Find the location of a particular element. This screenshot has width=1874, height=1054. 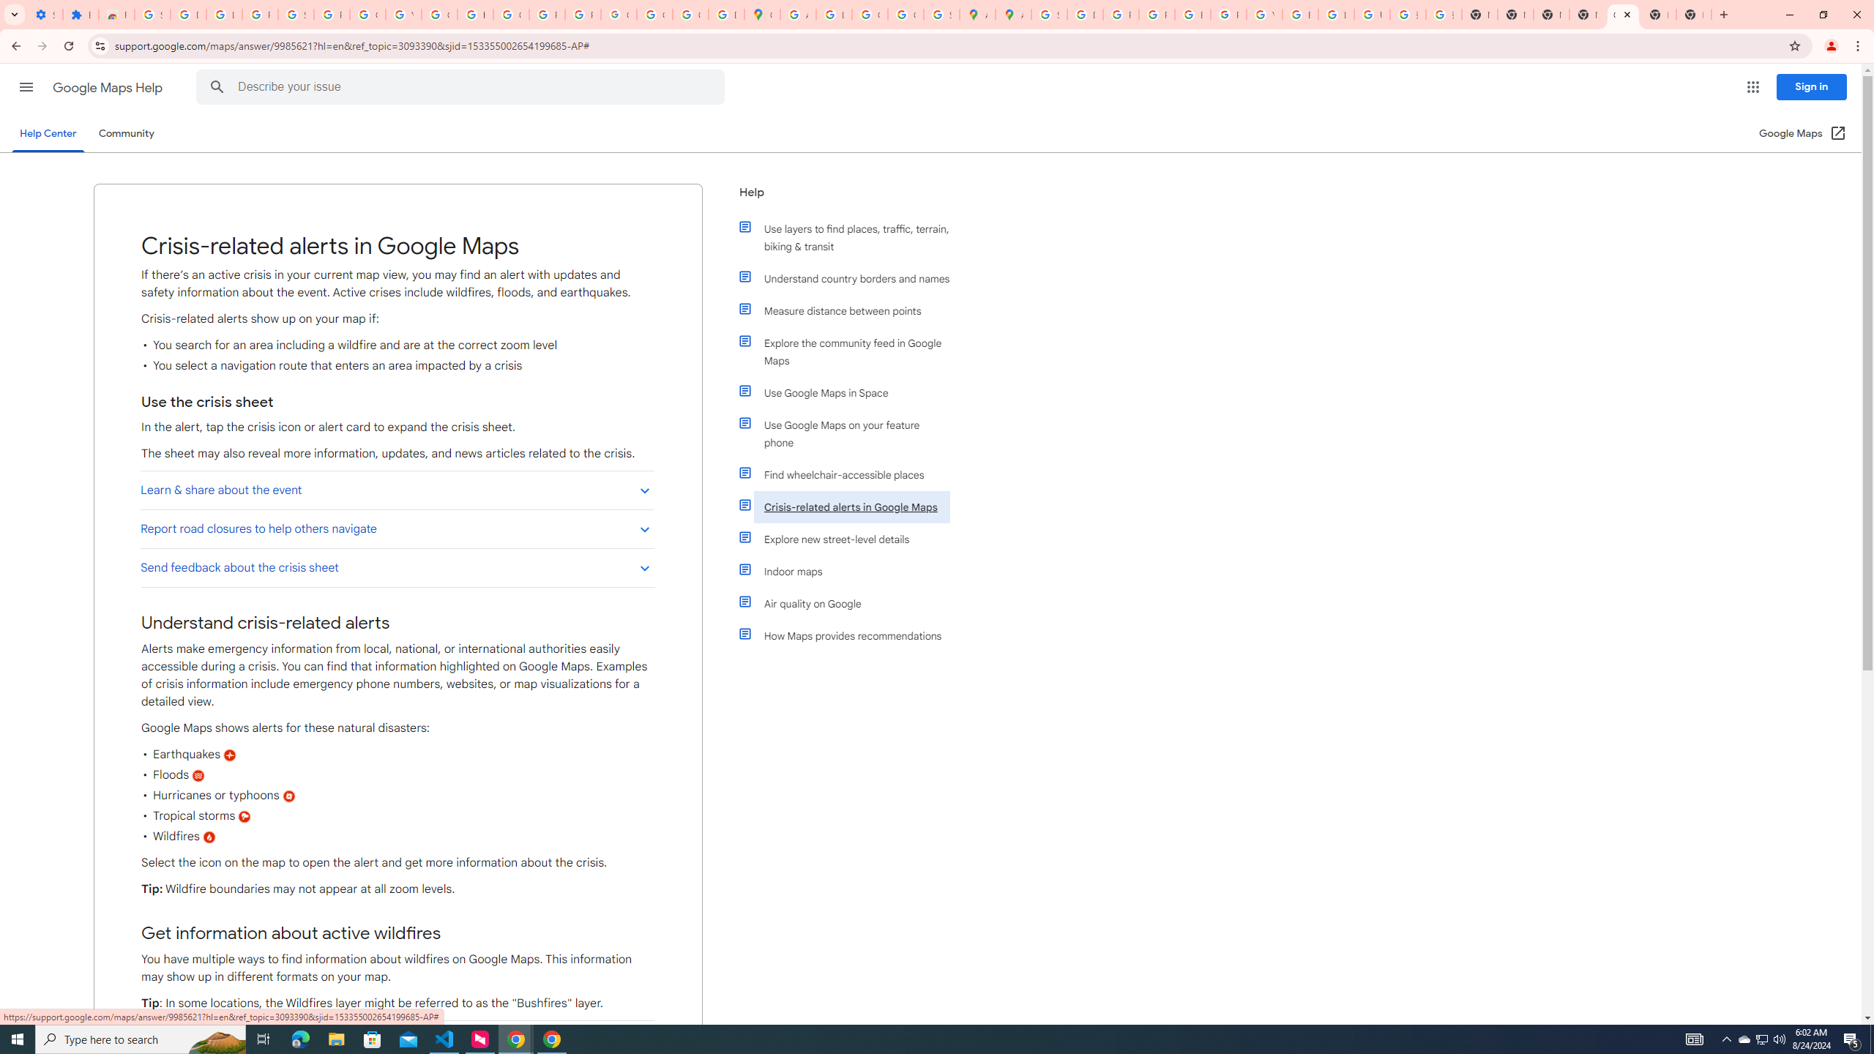

'Crisis-related alerts in Google Maps - Google Maps Help' is located at coordinates (1621, 14).